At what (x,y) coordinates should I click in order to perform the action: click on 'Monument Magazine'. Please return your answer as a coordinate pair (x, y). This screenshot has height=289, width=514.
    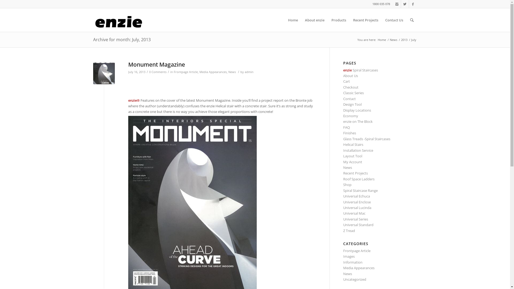
    Looking at the image, I should click on (128, 64).